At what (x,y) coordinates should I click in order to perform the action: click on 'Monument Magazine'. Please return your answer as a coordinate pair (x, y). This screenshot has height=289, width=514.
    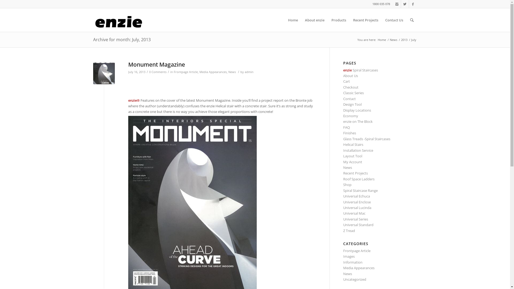
    Looking at the image, I should click on (128, 64).